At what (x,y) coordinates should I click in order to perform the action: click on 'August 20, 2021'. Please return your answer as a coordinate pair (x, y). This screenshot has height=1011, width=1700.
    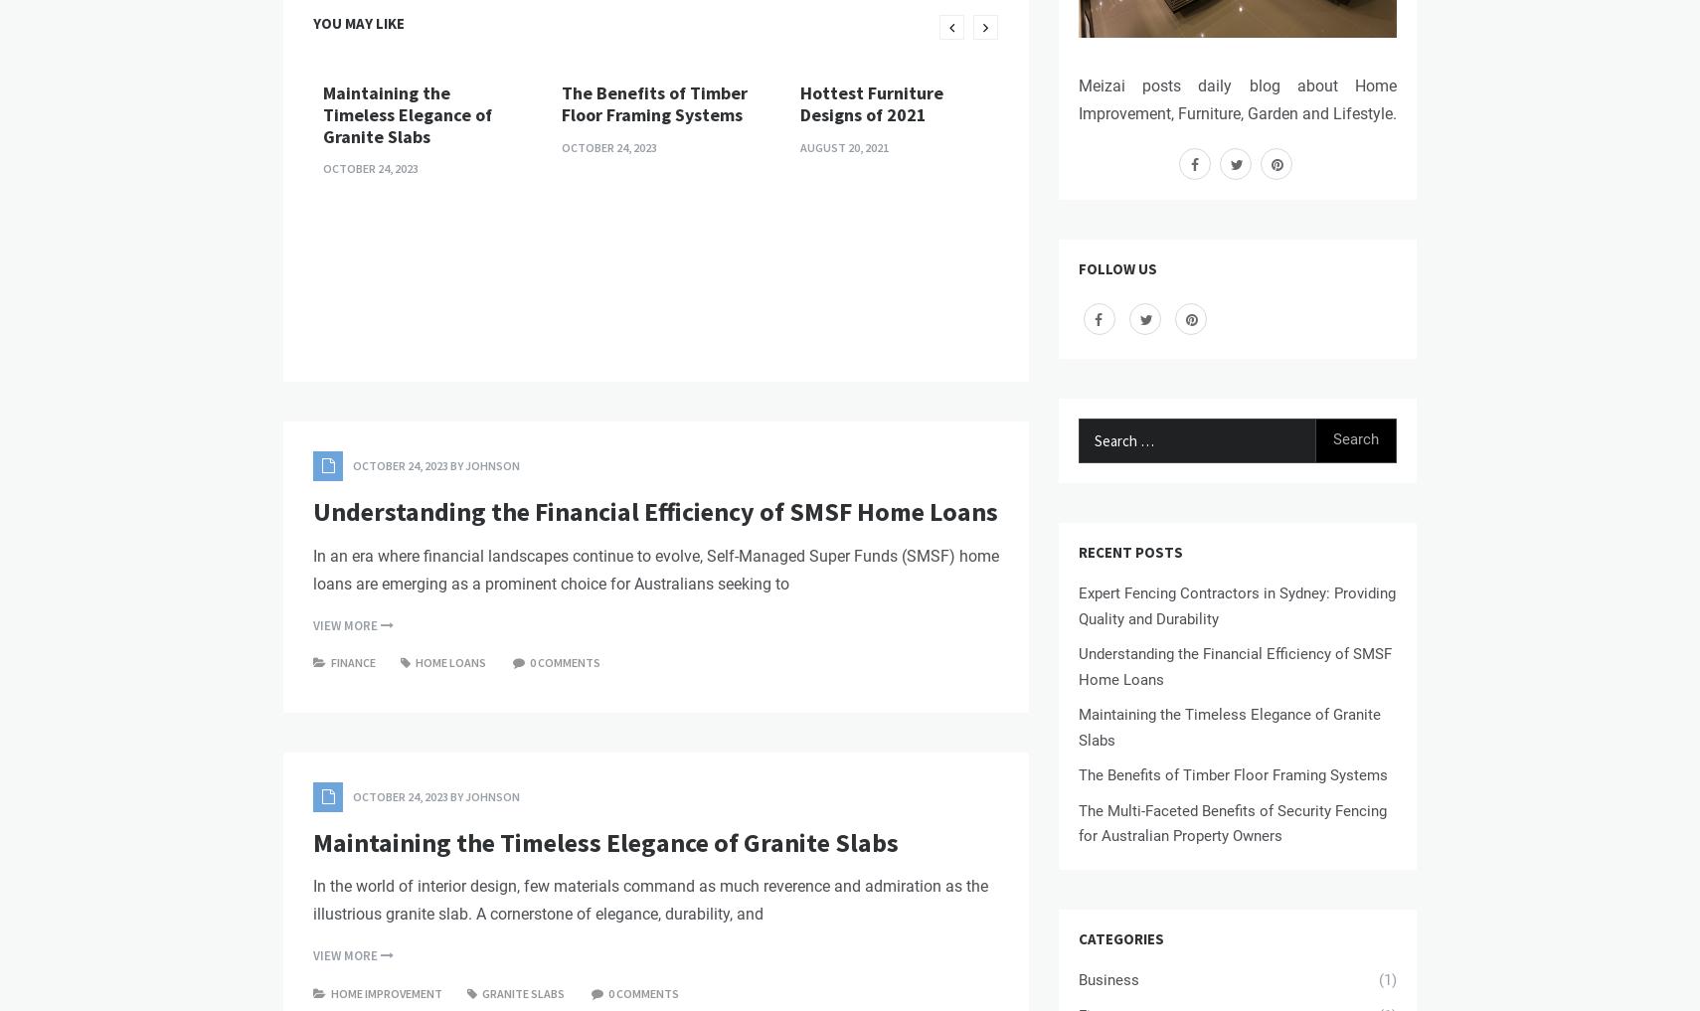
    Looking at the image, I should click on (844, 145).